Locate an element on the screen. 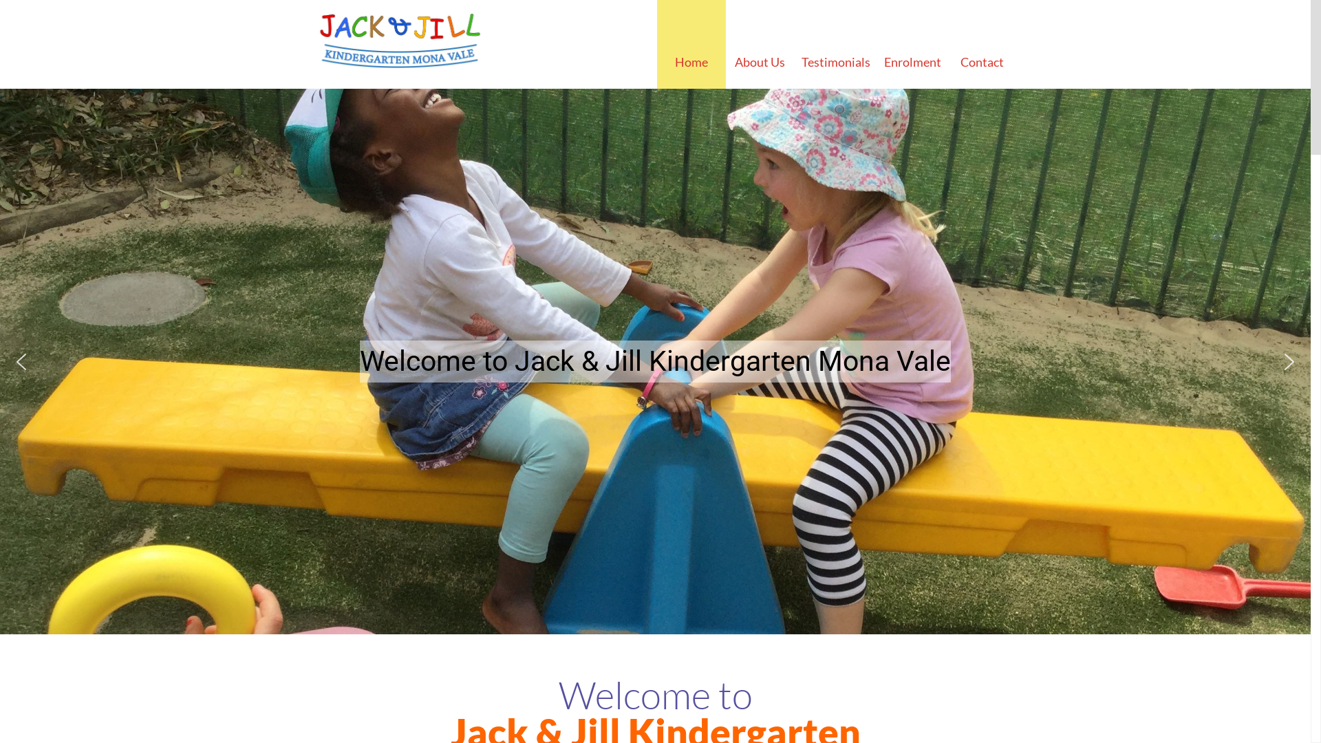 Image resolution: width=1321 pixels, height=743 pixels. 'Home' is located at coordinates (690, 43).